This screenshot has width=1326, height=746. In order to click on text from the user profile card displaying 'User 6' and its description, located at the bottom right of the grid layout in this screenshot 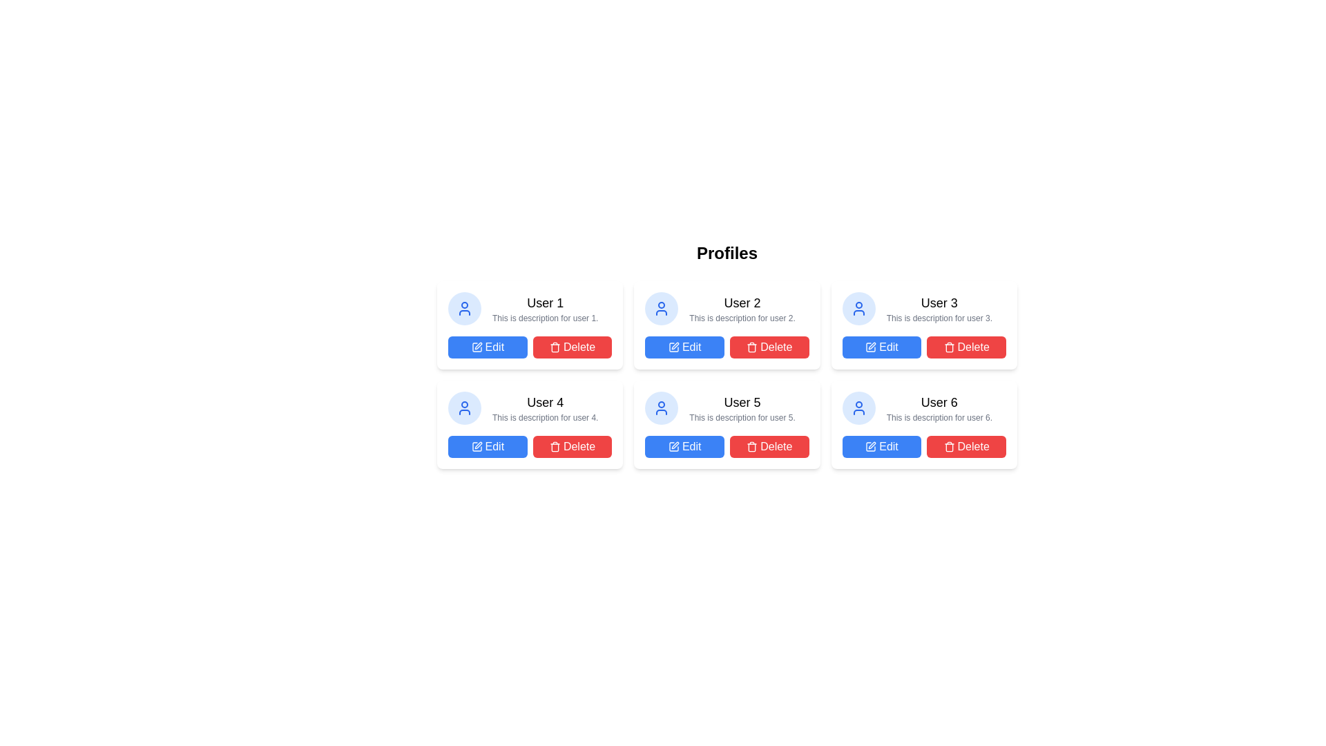, I will do `click(924, 407)`.